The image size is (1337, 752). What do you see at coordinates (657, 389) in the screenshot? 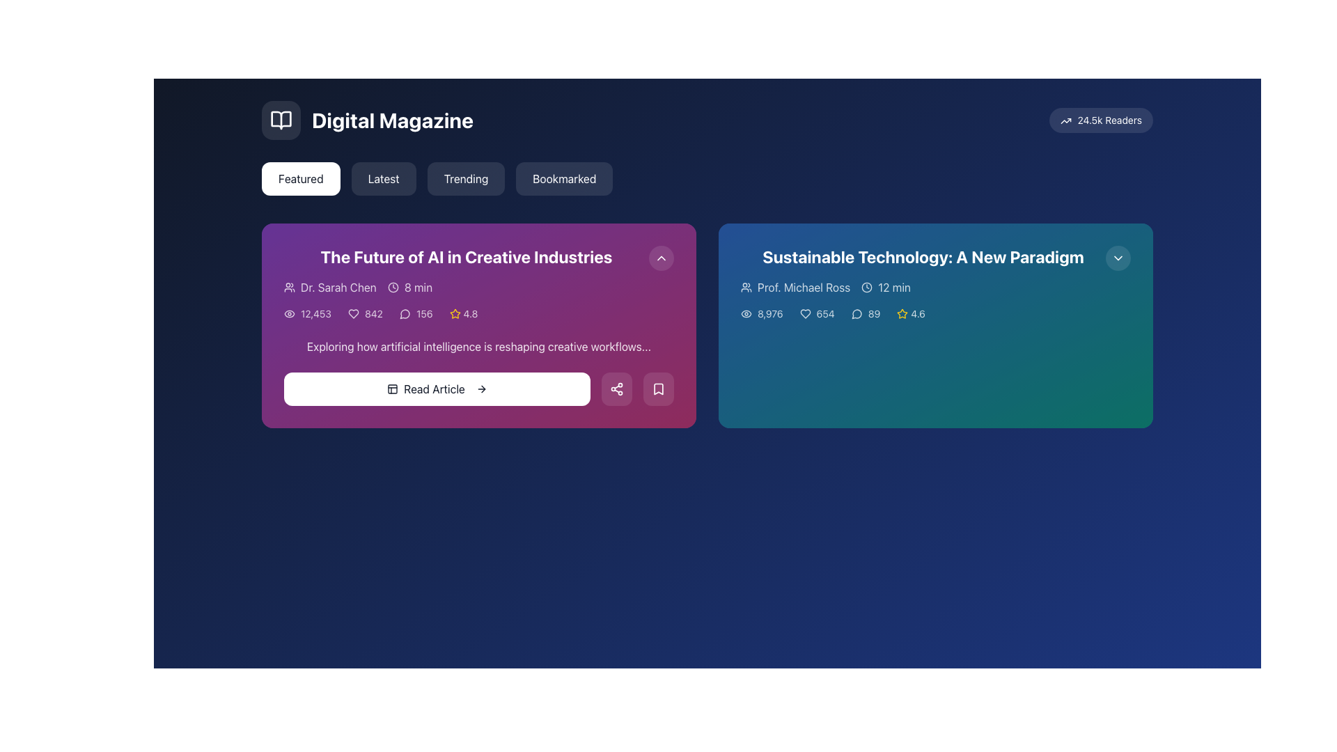
I see `the bookmark-shaped button with a white border on a semi-transparent purple background to bookmark the article, which is located to the right of the 'Read Article' button in the horizontal group of buttons` at bounding box center [657, 389].